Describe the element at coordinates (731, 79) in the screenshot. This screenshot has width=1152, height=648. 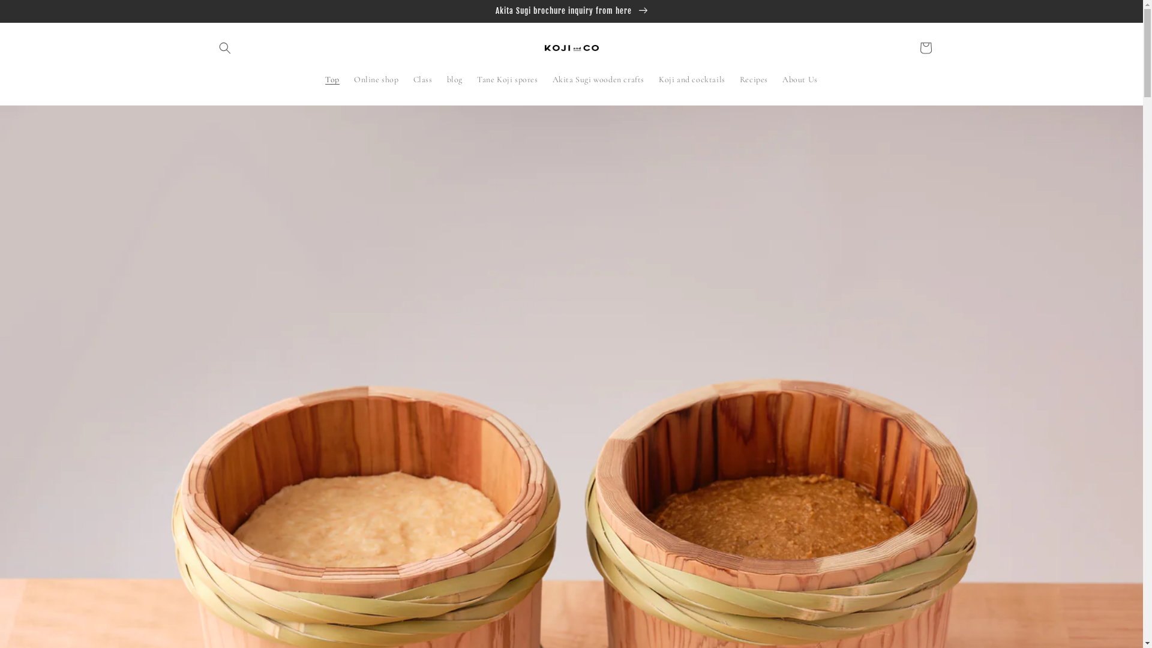
I see `'Recipes'` at that location.